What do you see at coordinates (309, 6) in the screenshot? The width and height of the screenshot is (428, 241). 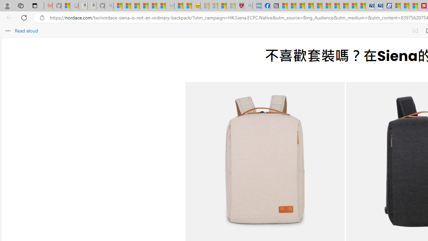 I see `'Climate Damage Becomes Too Severe To Reverse'` at bounding box center [309, 6].